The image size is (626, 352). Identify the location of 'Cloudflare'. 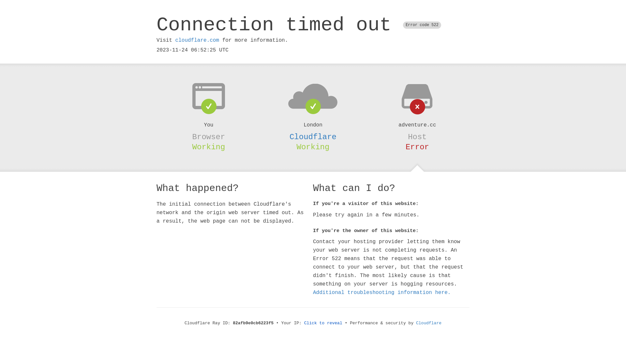
(313, 137).